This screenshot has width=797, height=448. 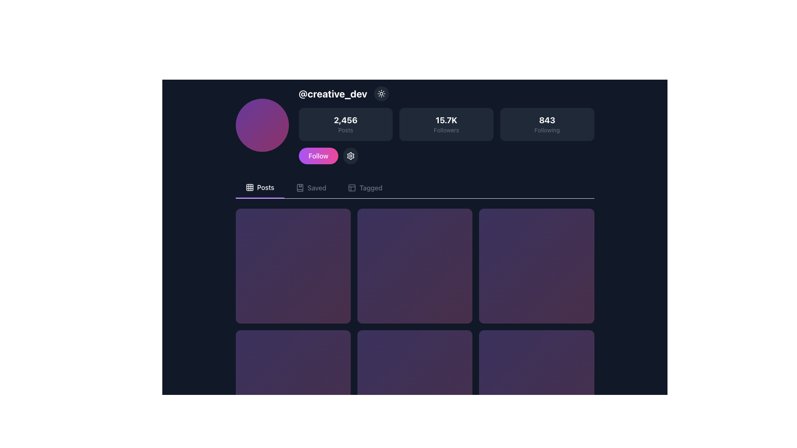 What do you see at coordinates (351, 156) in the screenshot?
I see `the settings button located as the second clickable element from the left in the header area, positioned directly to the right of the 'Follow' button` at bounding box center [351, 156].